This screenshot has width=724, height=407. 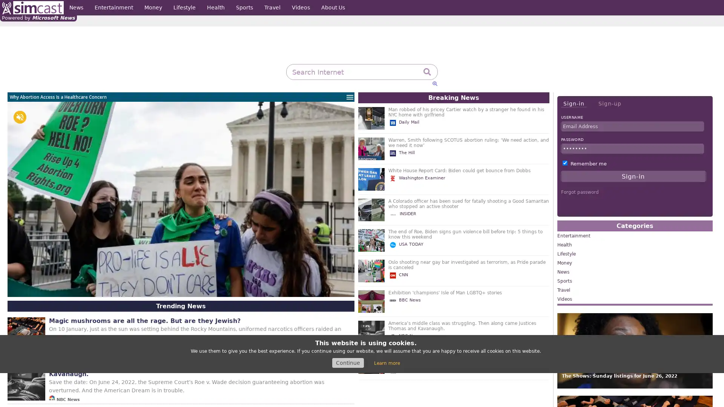 I want to click on Sign-in, so click(x=573, y=104).